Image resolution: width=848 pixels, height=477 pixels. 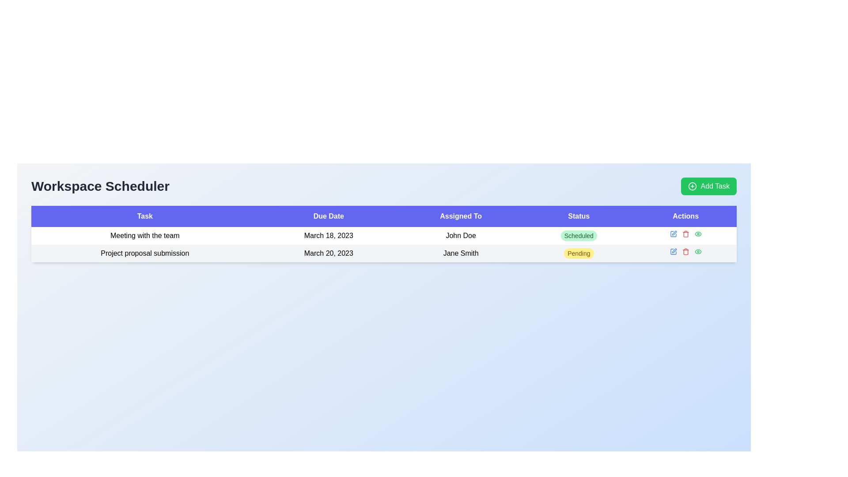 What do you see at coordinates (673, 233) in the screenshot?
I see `the edit icon button located in the 'Actions' column of the second row in the table to initiate editing` at bounding box center [673, 233].